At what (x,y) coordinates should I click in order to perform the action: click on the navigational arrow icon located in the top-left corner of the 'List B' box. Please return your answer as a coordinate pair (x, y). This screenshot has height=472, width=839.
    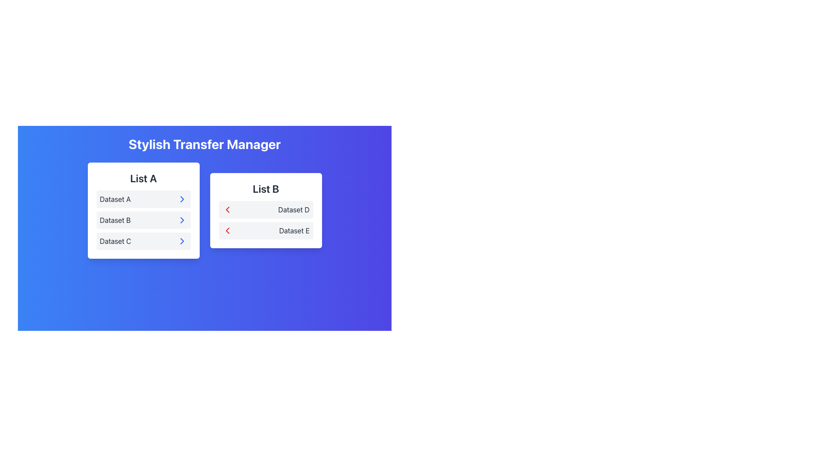
    Looking at the image, I should click on (227, 230).